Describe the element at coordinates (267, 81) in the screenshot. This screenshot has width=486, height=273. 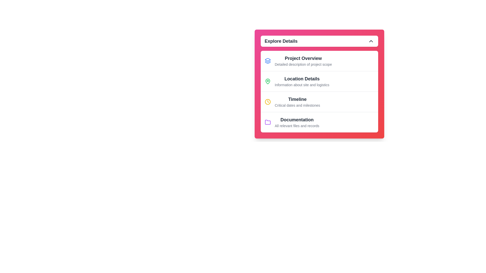
I see `the green map pin-style icon located to the left of the 'Location Details' text in the 'Explore Details' panel to gather its meaning` at that location.